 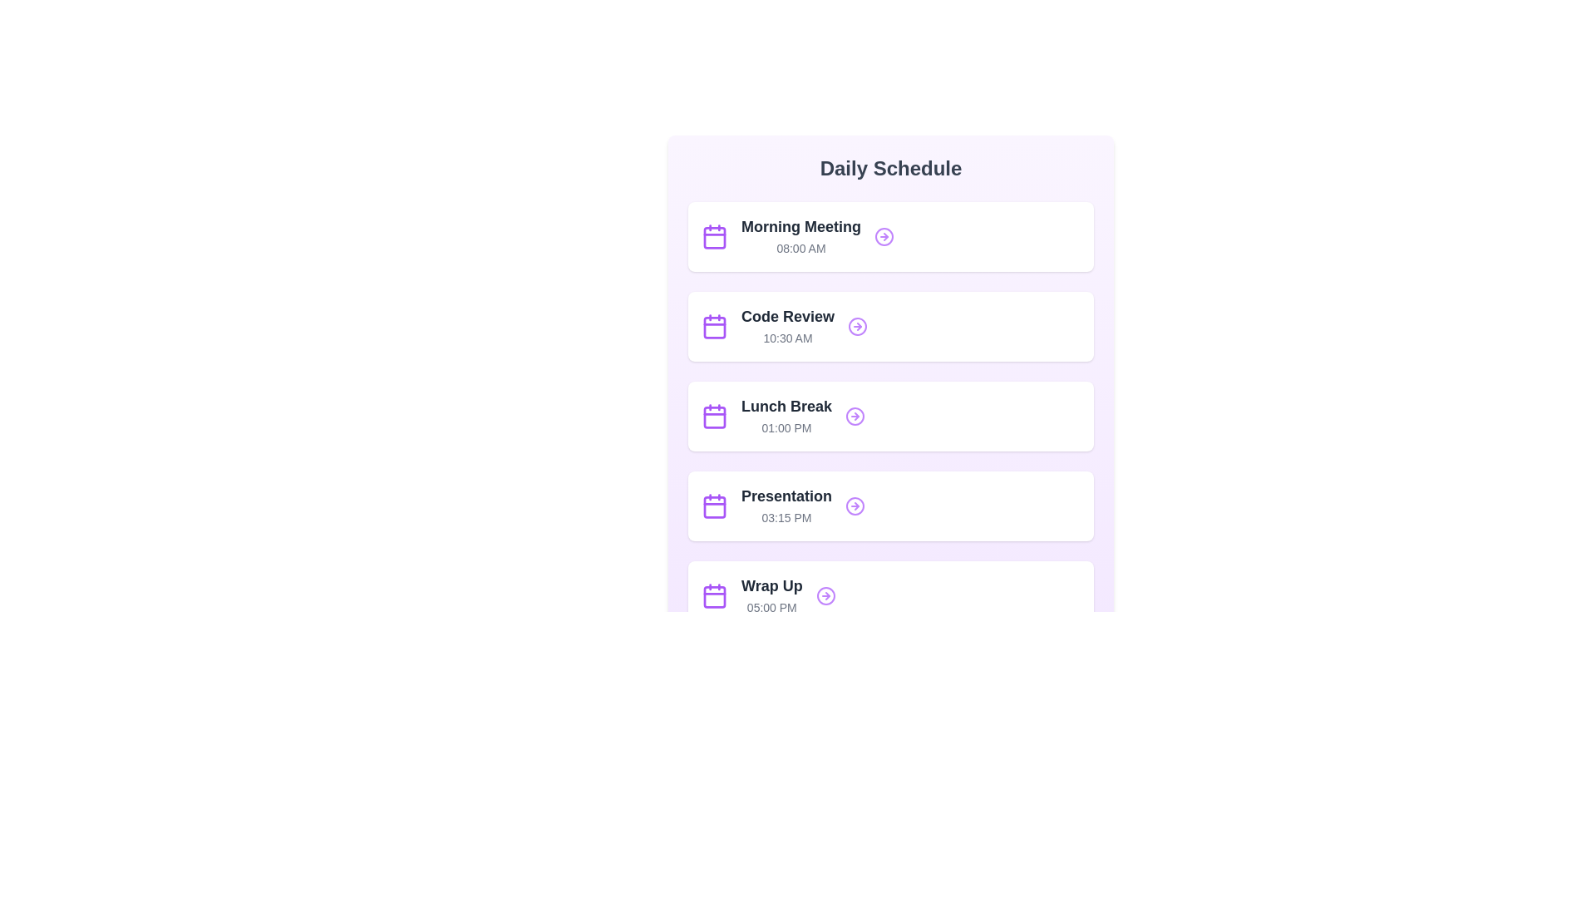 What do you see at coordinates (714, 506) in the screenshot?
I see `the purple calendar icon located to the left of the 'Presentation' event details` at bounding box center [714, 506].